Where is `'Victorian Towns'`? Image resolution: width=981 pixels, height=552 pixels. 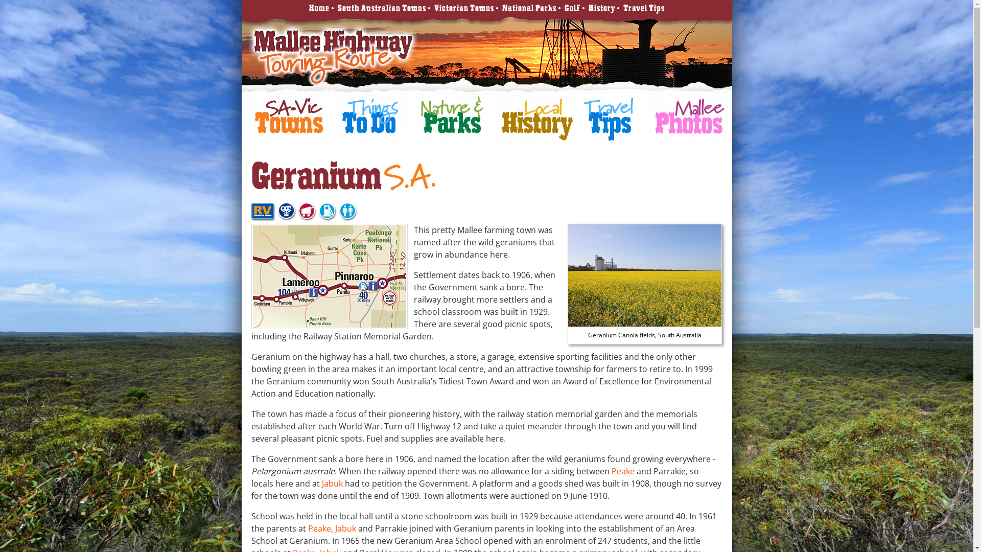
'Victorian Towns' is located at coordinates (463, 8).